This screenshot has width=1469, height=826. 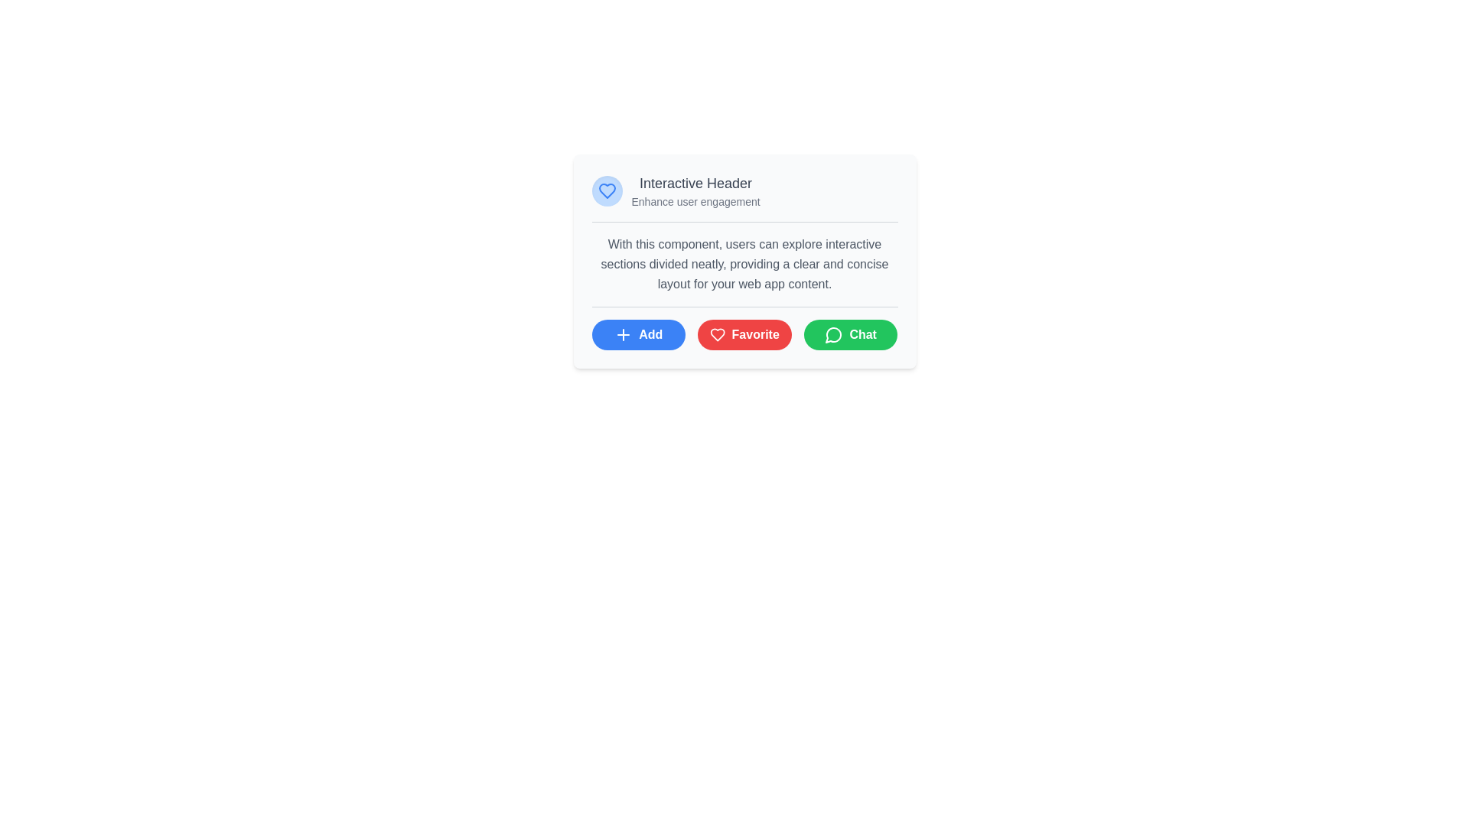 I want to click on the circular icon with a speech bubble design on a green background, which is located to the left of the text 'Chat' in the rounded green button, so click(x=833, y=334).